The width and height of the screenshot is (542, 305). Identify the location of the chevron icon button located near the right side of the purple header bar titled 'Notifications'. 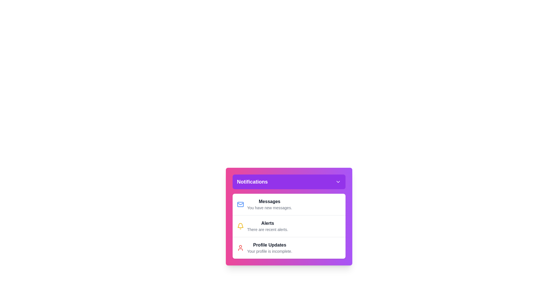
(338, 182).